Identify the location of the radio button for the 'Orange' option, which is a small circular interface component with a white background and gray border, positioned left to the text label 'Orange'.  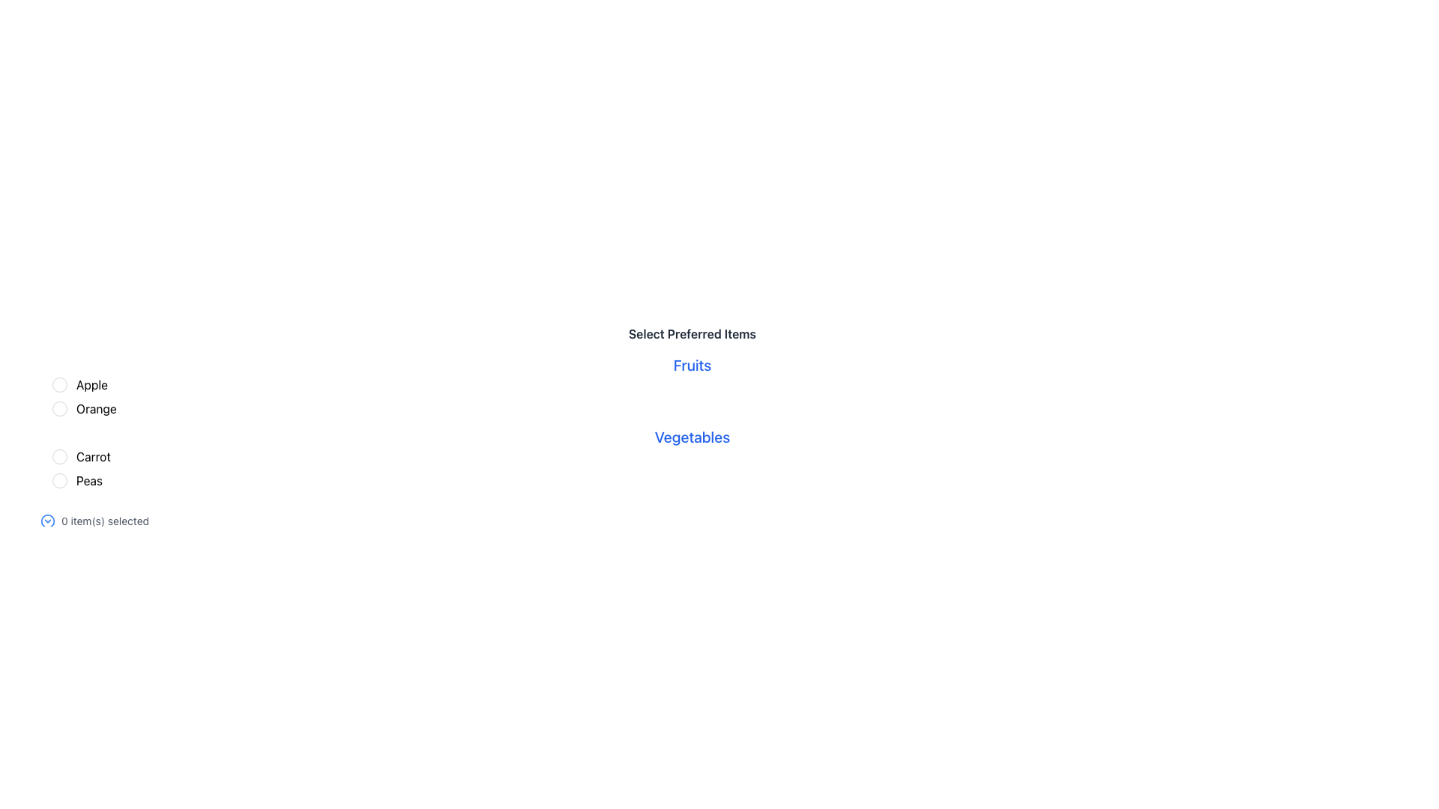
(60, 409).